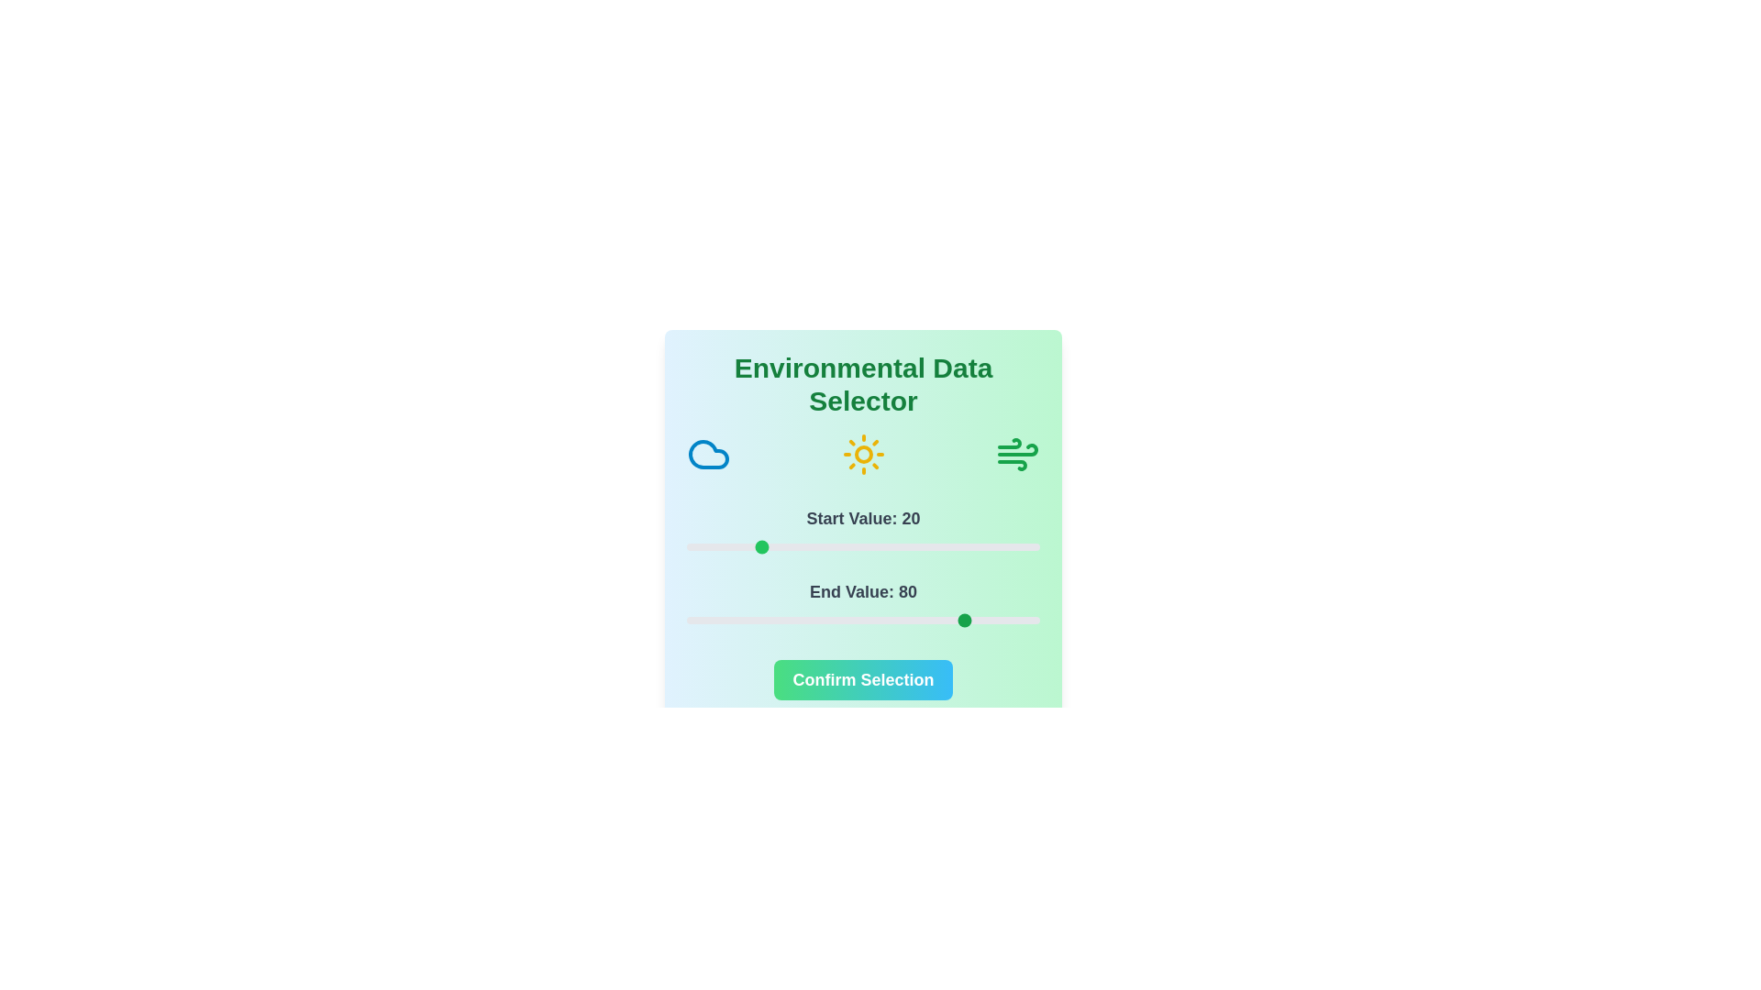 The height and width of the screenshot is (990, 1761). Describe the element at coordinates (951, 620) in the screenshot. I see `the slider` at that location.